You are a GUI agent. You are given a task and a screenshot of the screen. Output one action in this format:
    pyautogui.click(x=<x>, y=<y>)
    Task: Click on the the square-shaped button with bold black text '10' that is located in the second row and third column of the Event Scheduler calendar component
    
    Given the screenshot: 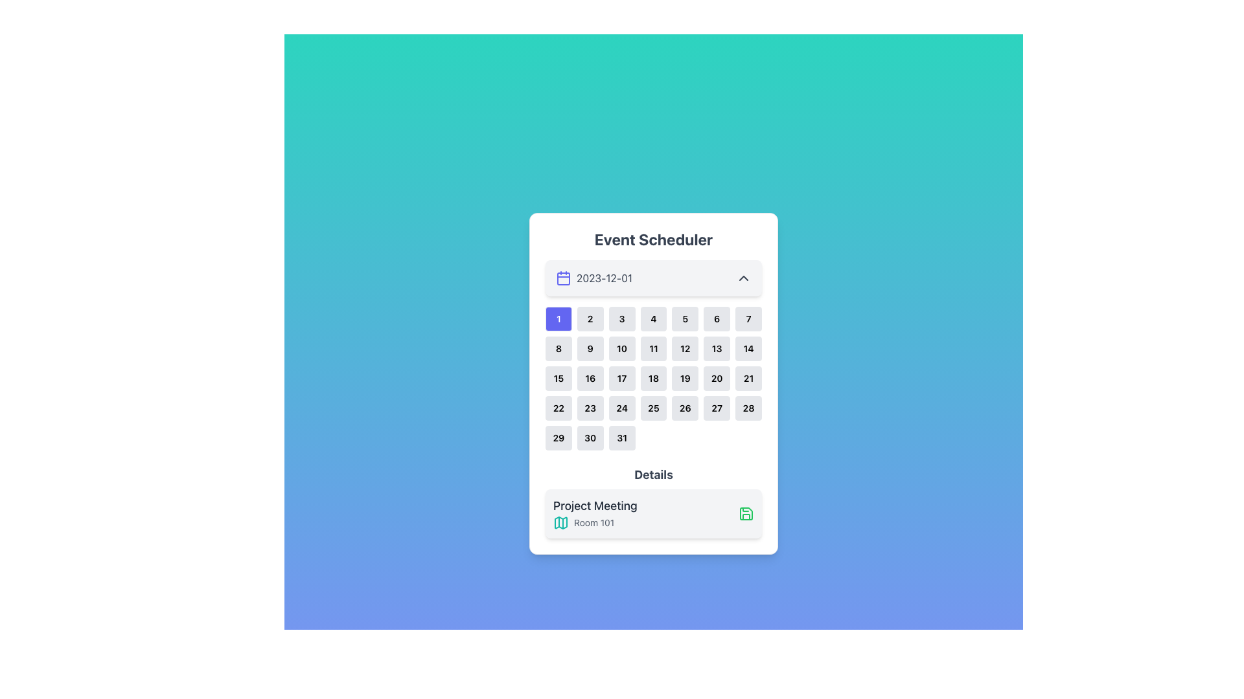 What is the action you would take?
    pyautogui.click(x=622, y=348)
    